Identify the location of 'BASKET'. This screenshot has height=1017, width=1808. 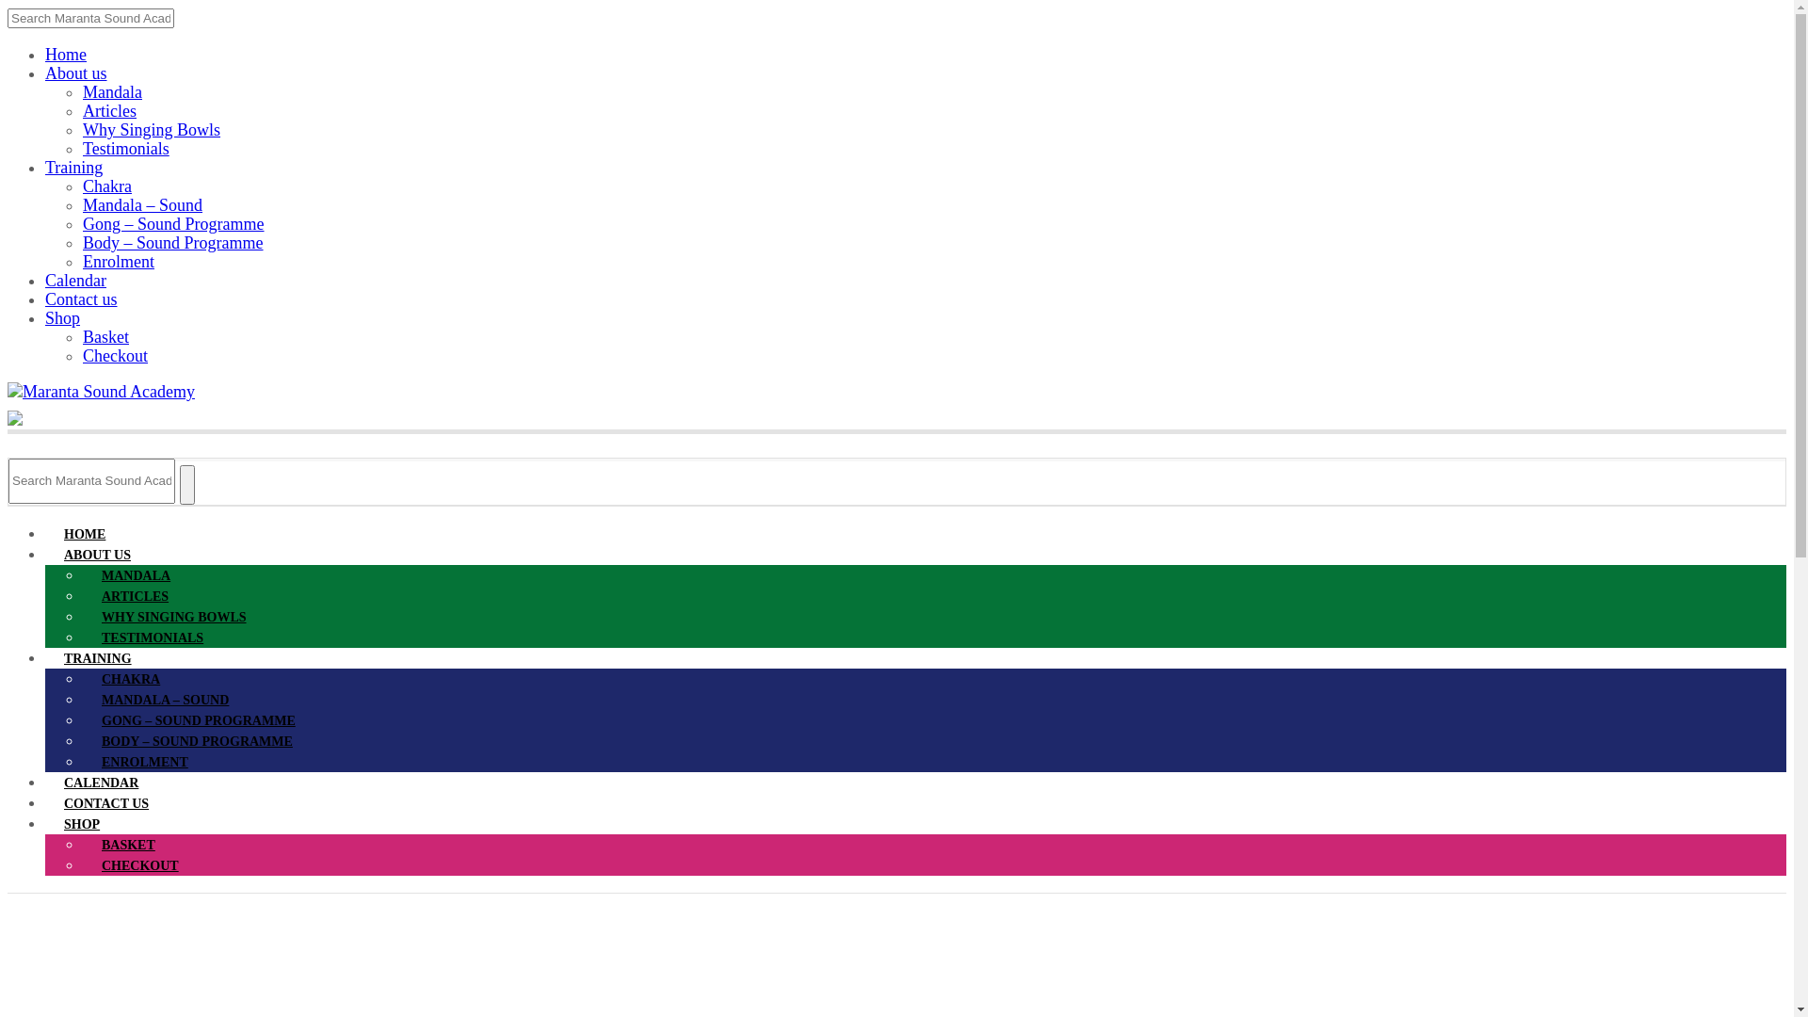
(127, 844).